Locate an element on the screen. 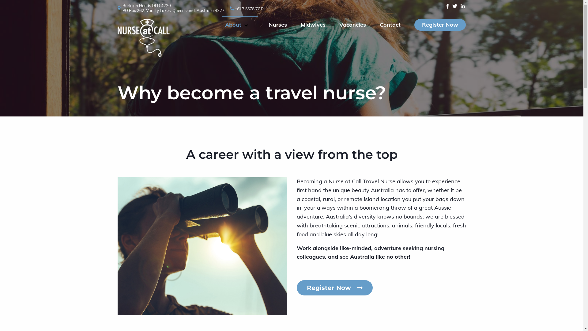 The width and height of the screenshot is (588, 331). 'Vacancies' is located at coordinates (352, 25).